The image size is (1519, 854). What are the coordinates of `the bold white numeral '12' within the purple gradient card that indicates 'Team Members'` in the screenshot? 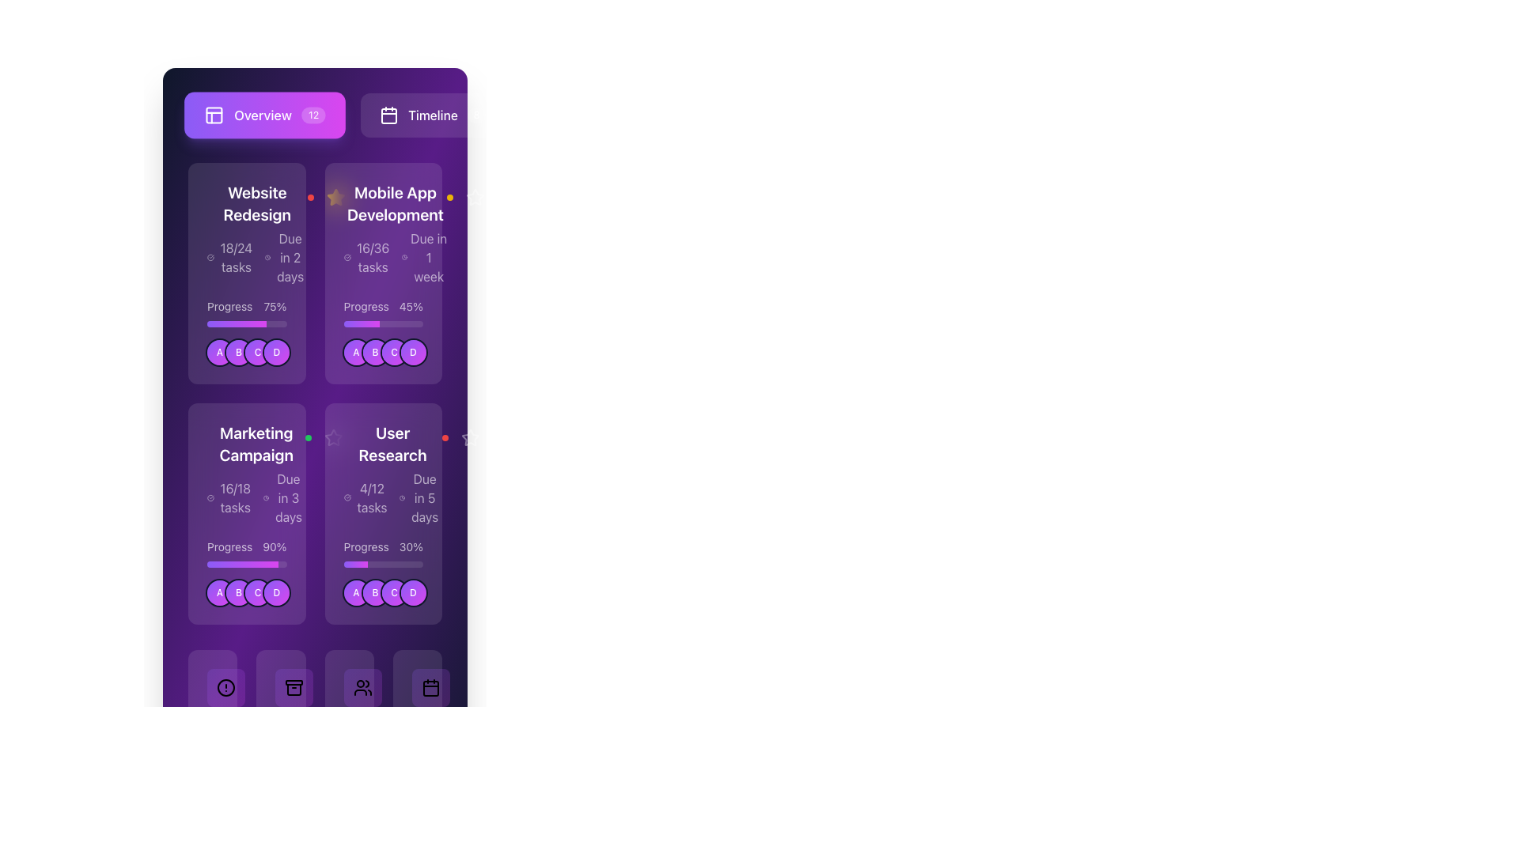 It's located at (348, 731).